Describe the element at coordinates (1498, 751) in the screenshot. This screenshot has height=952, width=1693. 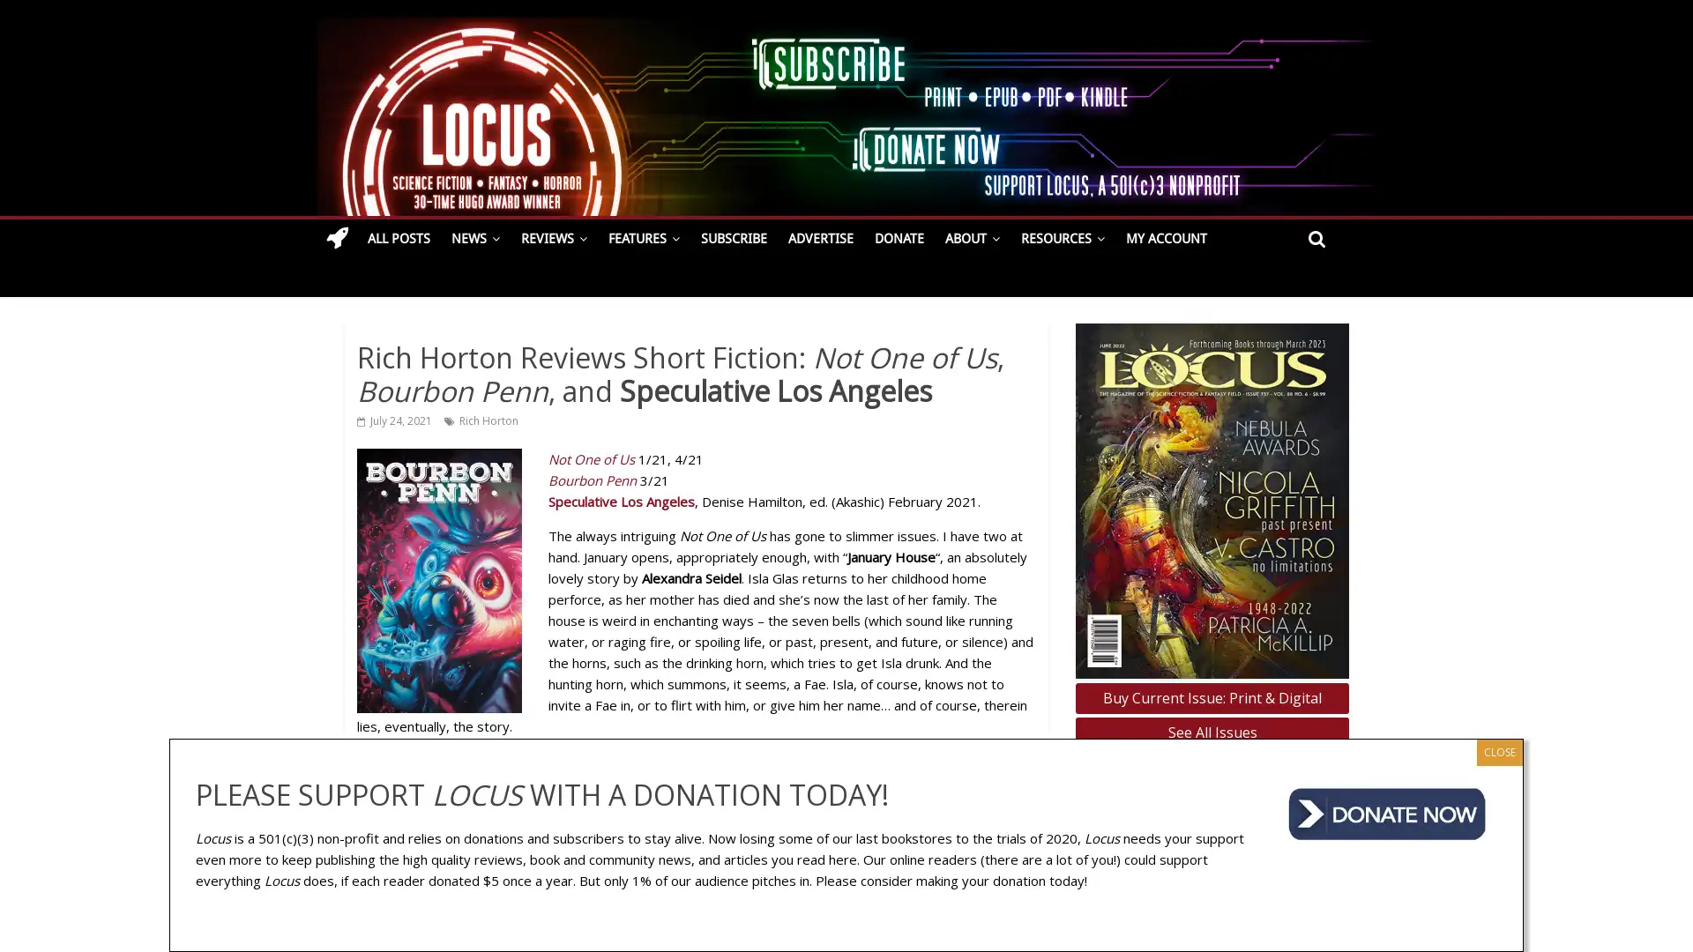
I see `Close` at that location.